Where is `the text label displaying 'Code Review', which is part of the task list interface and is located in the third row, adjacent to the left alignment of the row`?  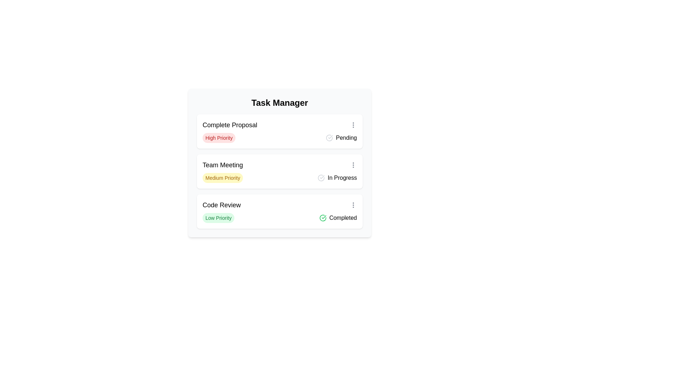
the text label displaying 'Code Review', which is part of the task list interface and is located in the third row, adjacent to the left alignment of the row is located at coordinates (221, 205).